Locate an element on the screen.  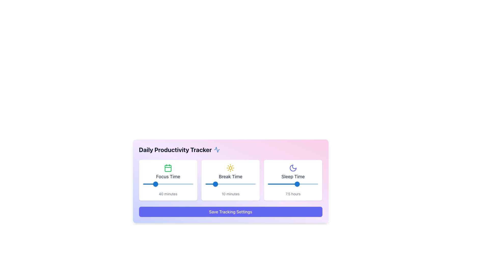
break time is located at coordinates (212, 184).